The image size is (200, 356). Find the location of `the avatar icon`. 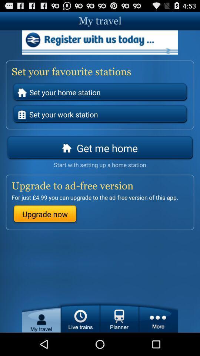

the avatar icon is located at coordinates (41, 339).